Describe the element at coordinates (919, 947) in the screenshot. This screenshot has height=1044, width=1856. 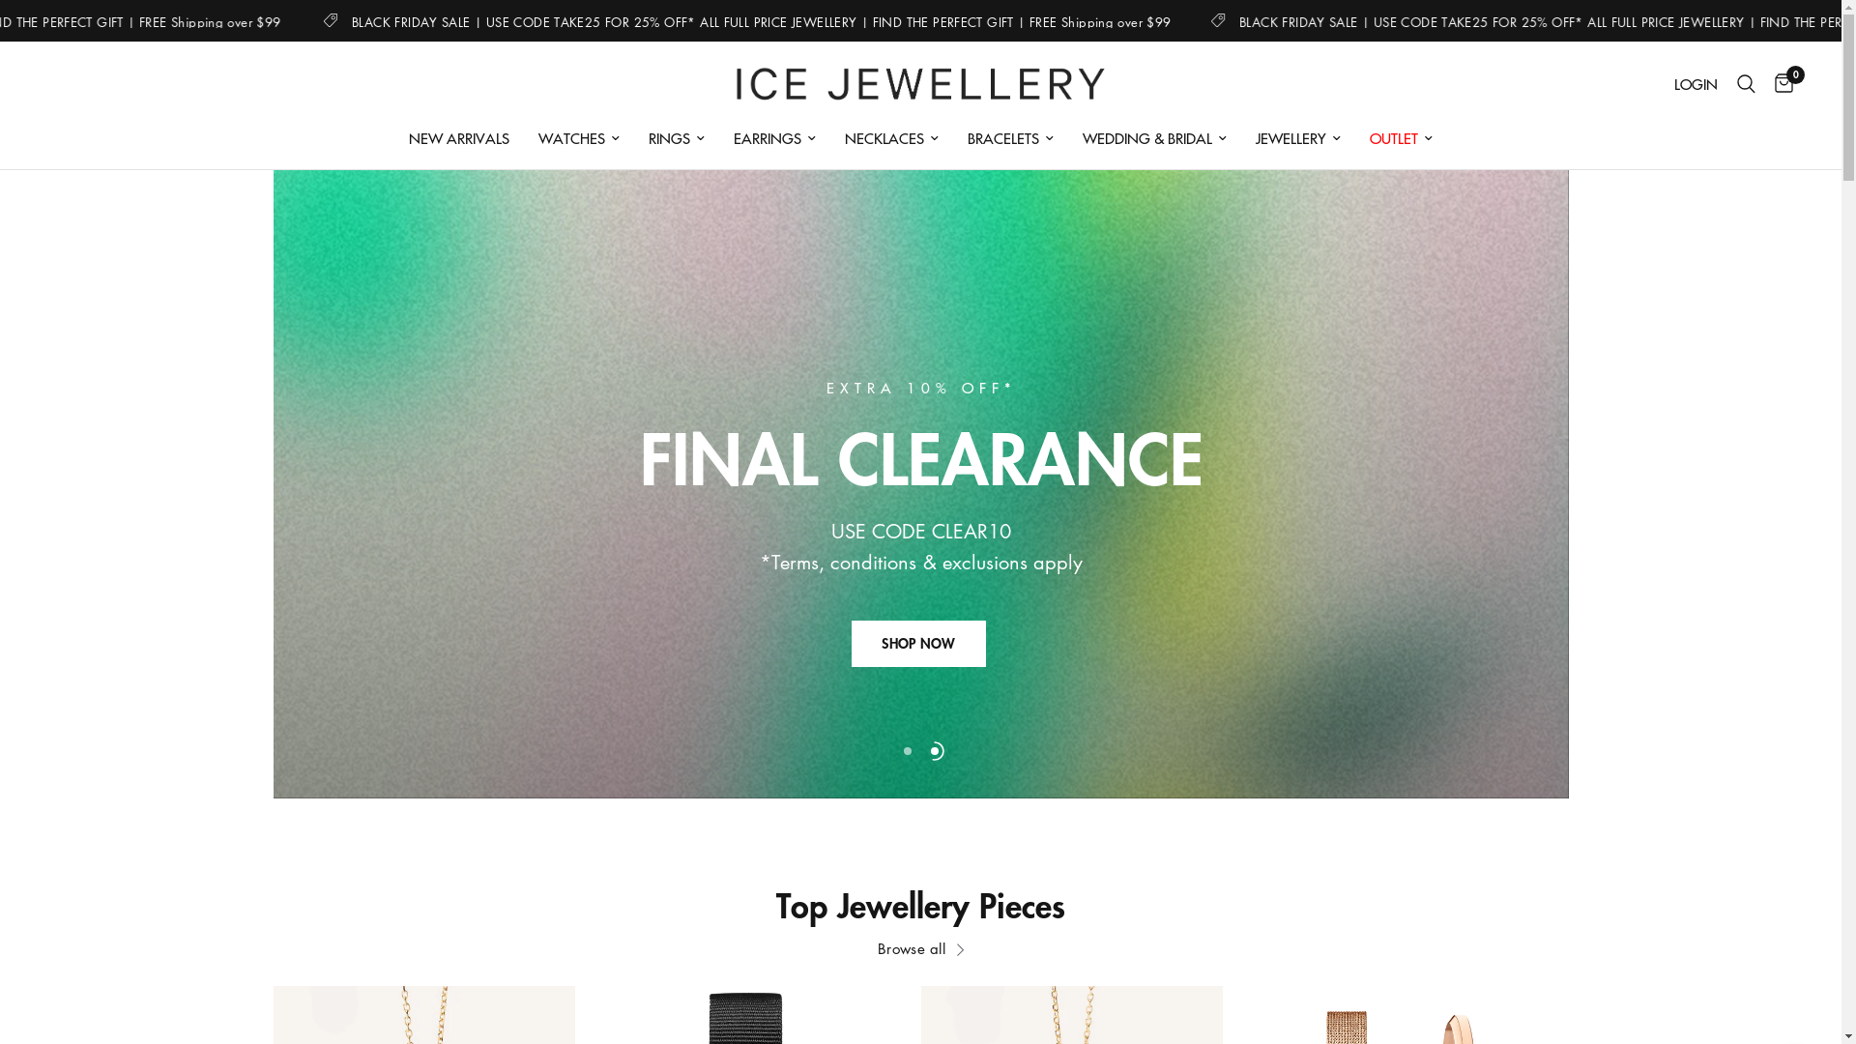
I see `'Browse all'` at that location.